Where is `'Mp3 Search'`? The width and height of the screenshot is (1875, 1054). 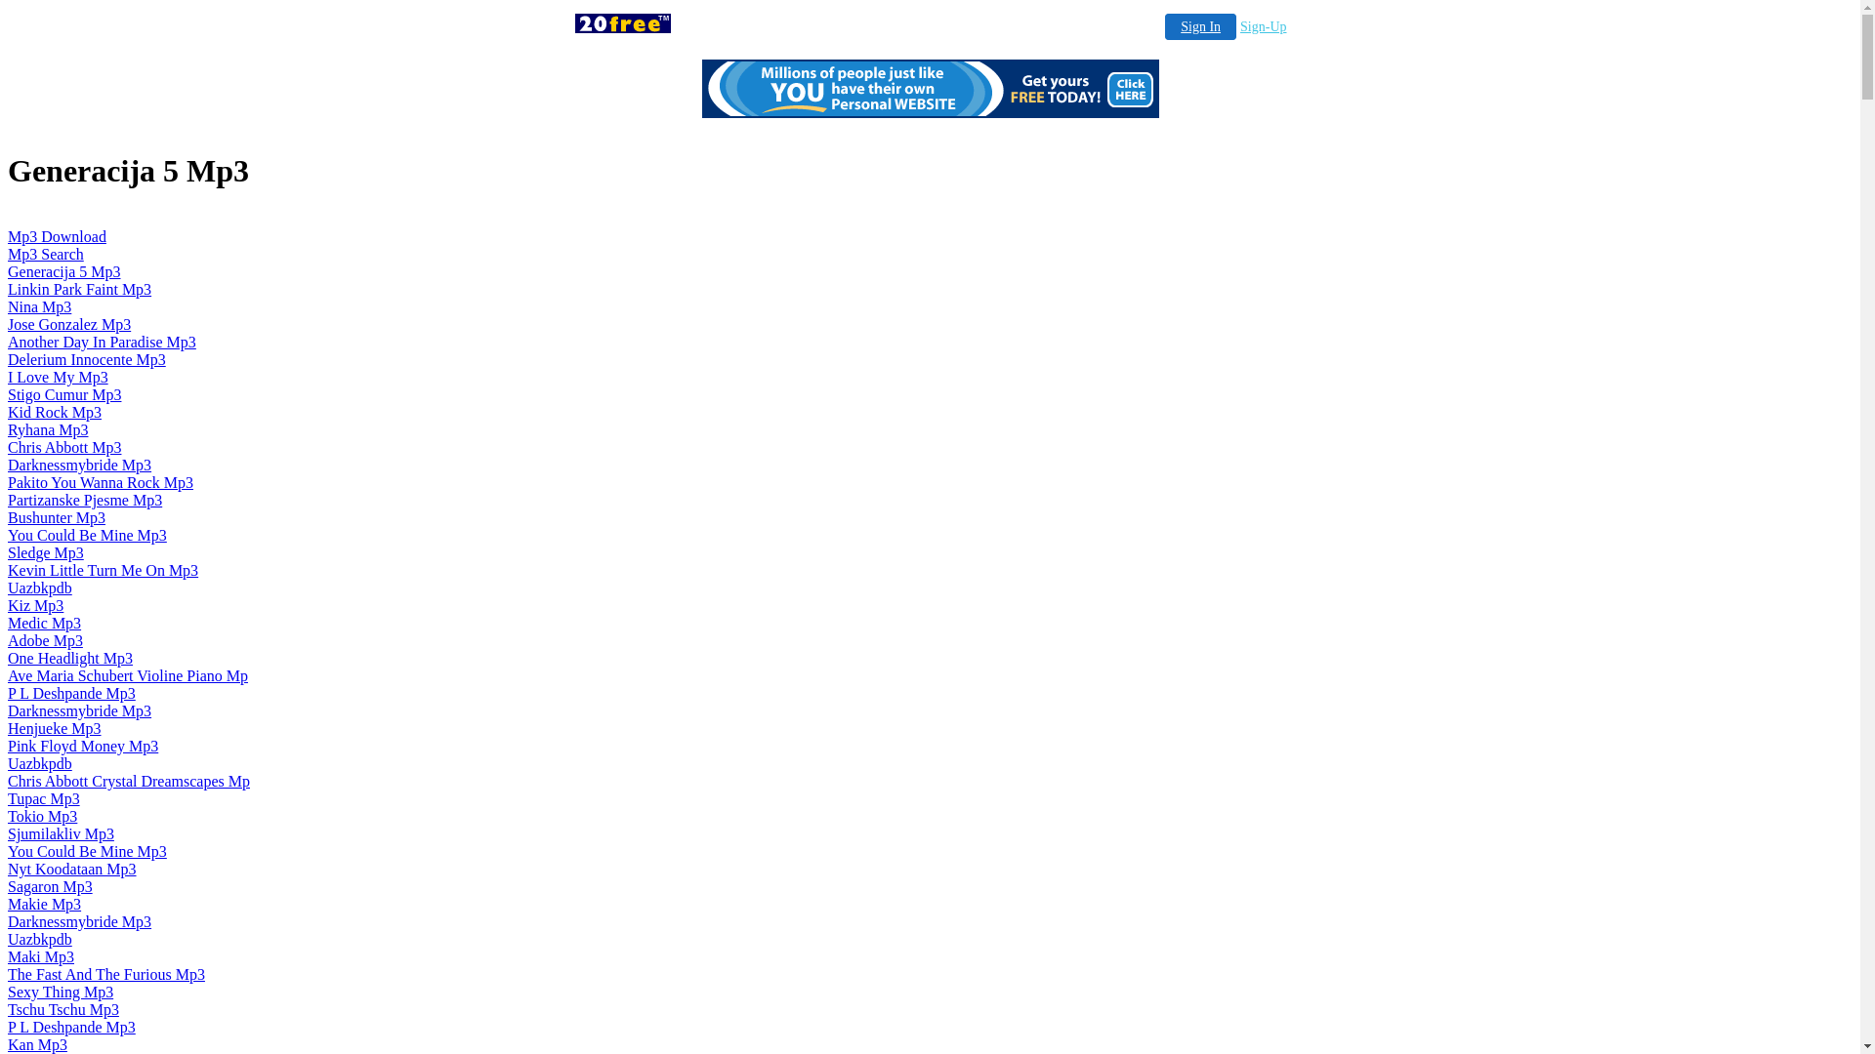 'Mp3 Search' is located at coordinates (46, 253).